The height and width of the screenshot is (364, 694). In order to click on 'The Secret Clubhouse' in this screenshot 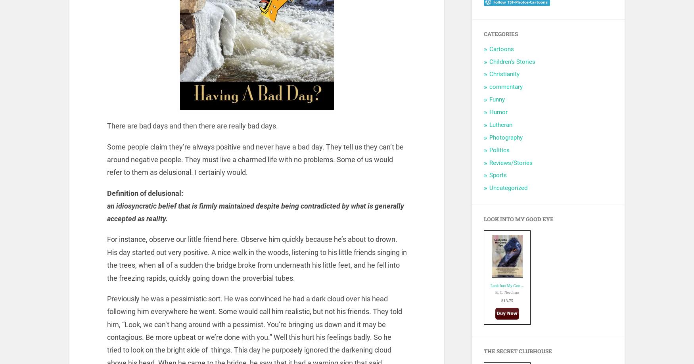, I will do `click(518, 351)`.